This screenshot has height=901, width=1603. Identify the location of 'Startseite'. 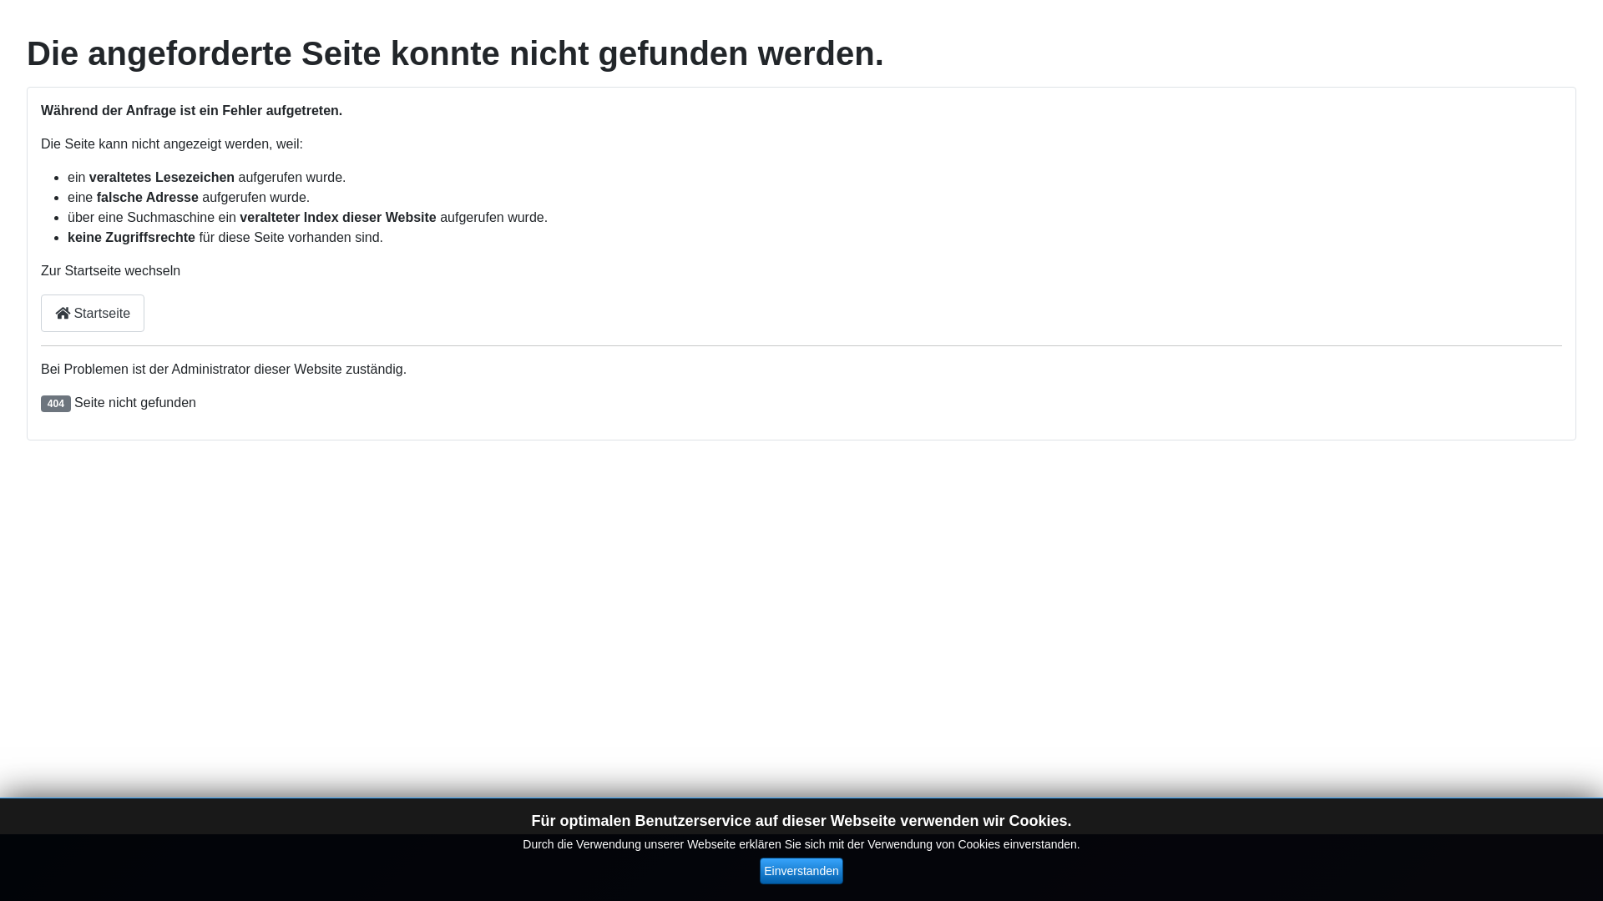
(91, 313).